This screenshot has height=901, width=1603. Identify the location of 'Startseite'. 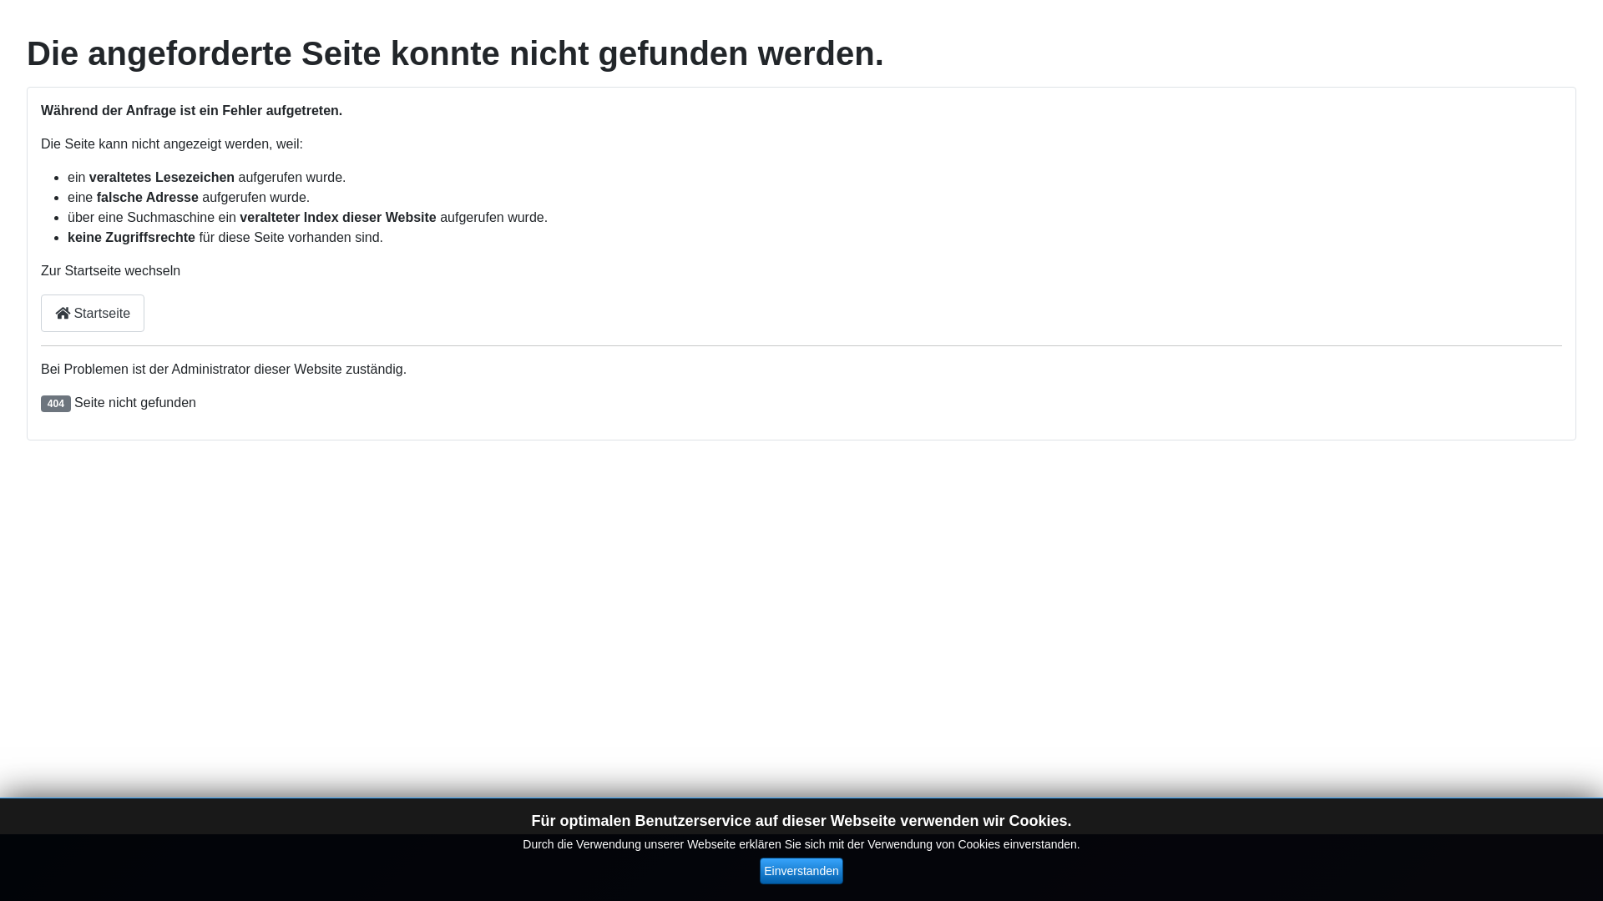
(91, 313).